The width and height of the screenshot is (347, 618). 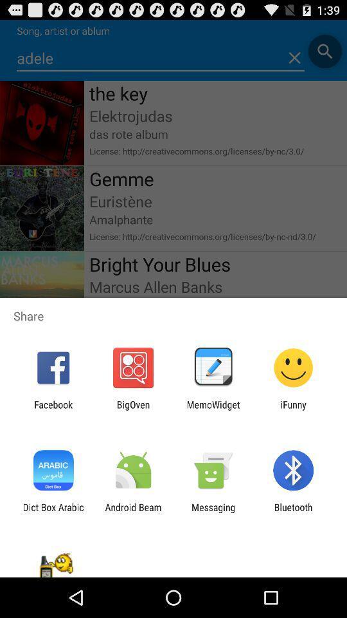 I want to click on icon next to android beam icon, so click(x=53, y=512).